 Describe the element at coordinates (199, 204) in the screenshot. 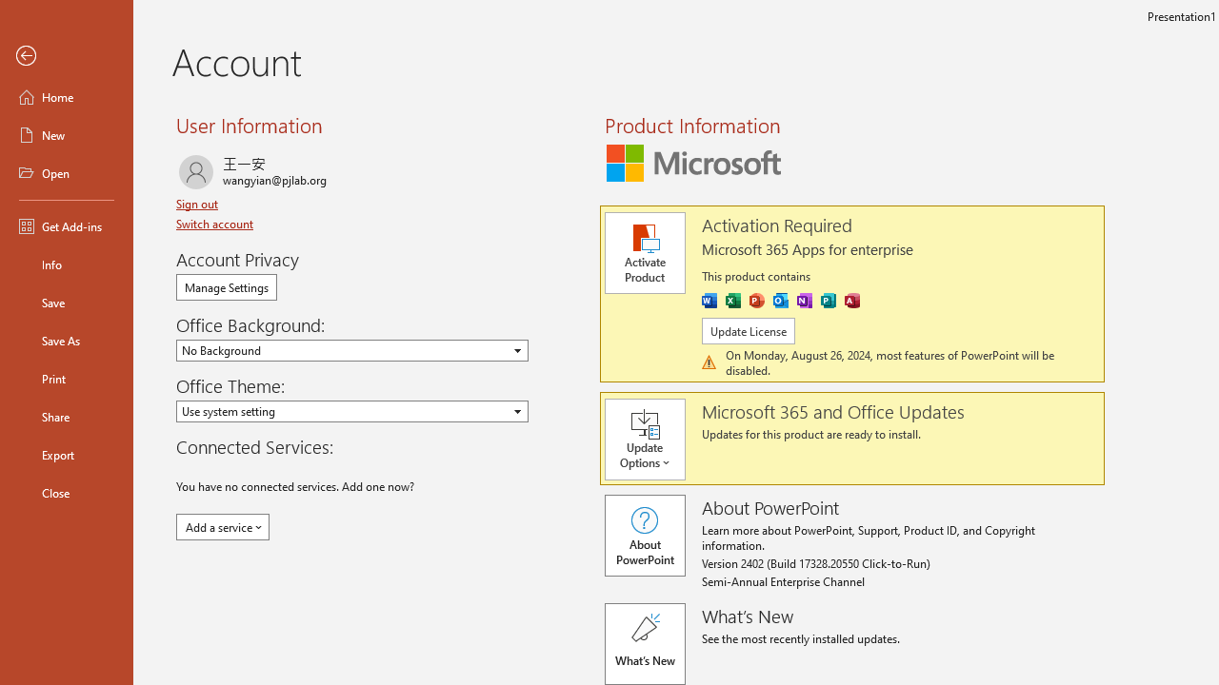

I see `'Sign out'` at that location.